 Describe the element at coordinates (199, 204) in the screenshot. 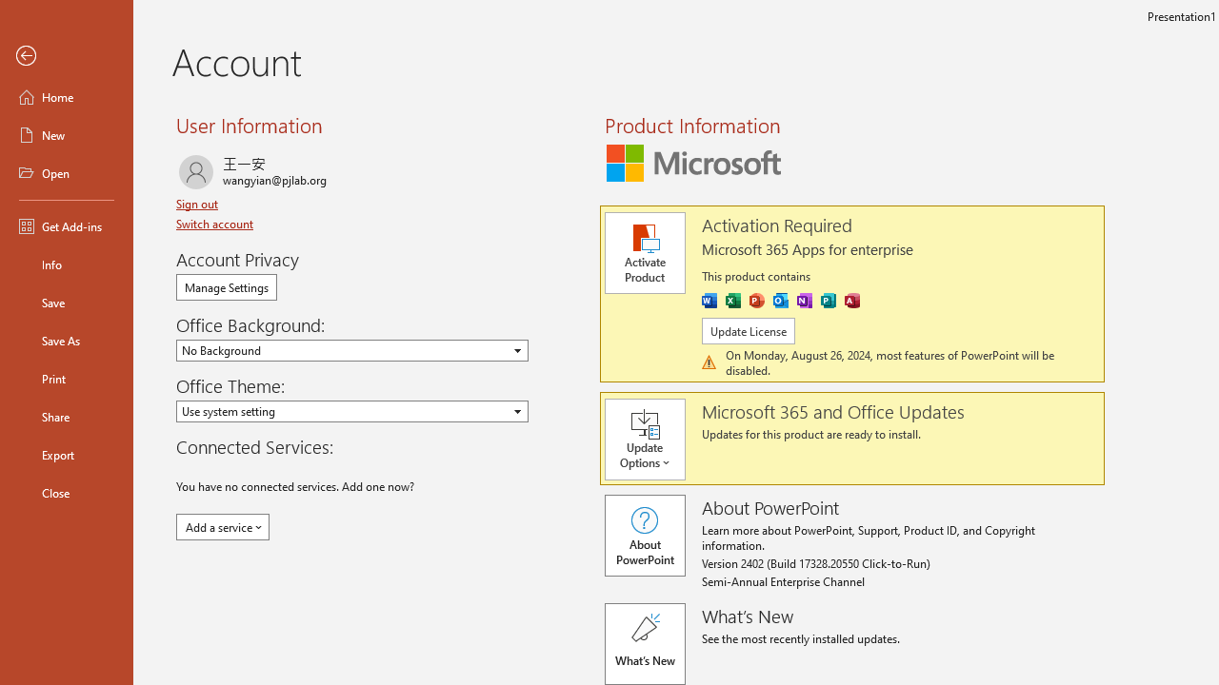

I see `'Sign out'` at that location.